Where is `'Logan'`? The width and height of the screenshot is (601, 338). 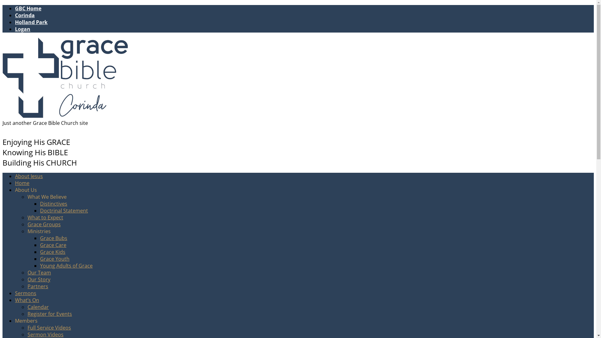 'Logan' is located at coordinates (23, 29).